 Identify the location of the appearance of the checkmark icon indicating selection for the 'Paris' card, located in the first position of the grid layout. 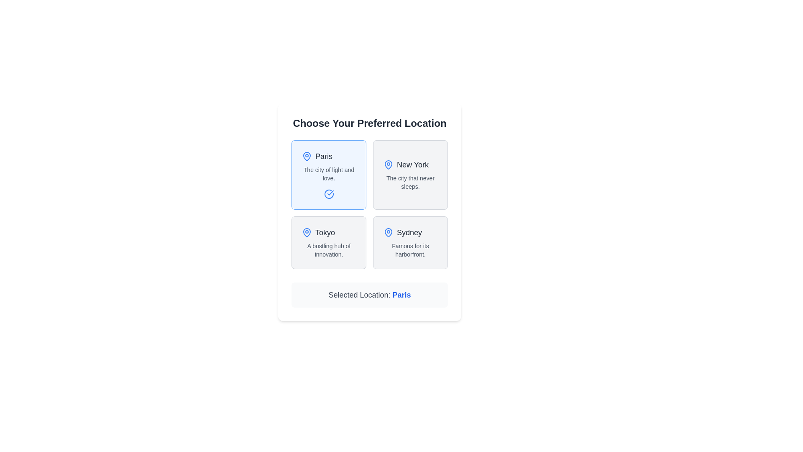
(330, 193).